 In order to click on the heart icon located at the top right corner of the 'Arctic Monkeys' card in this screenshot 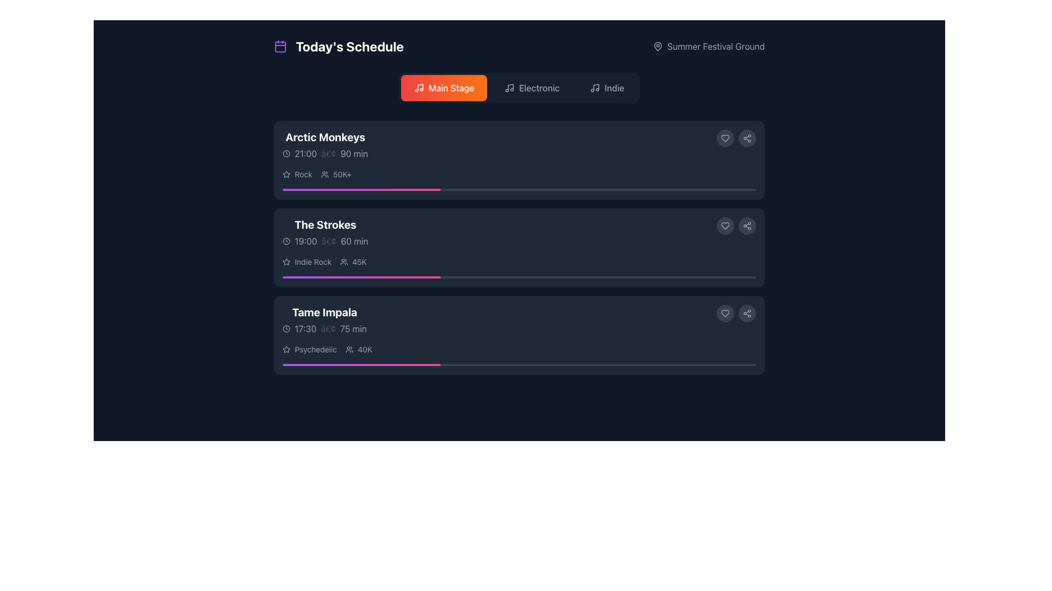, I will do `click(725, 138)`.